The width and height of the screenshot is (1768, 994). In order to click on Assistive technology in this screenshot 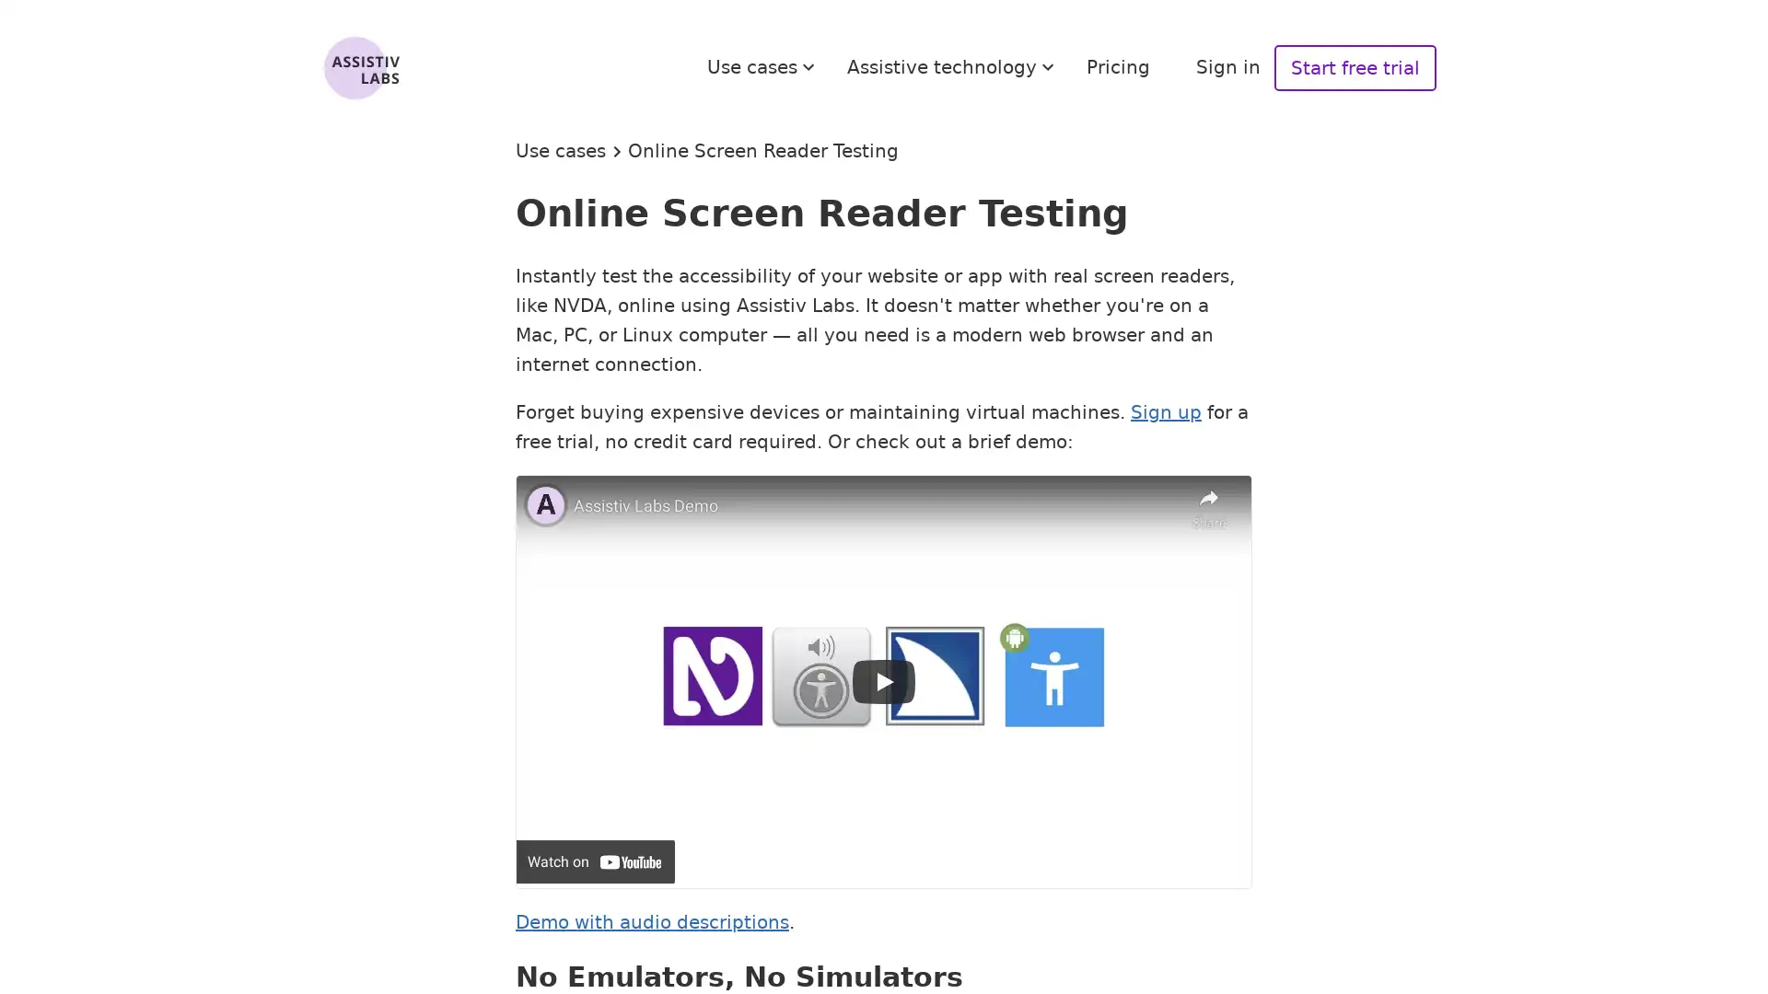, I will do `click(953, 66)`.